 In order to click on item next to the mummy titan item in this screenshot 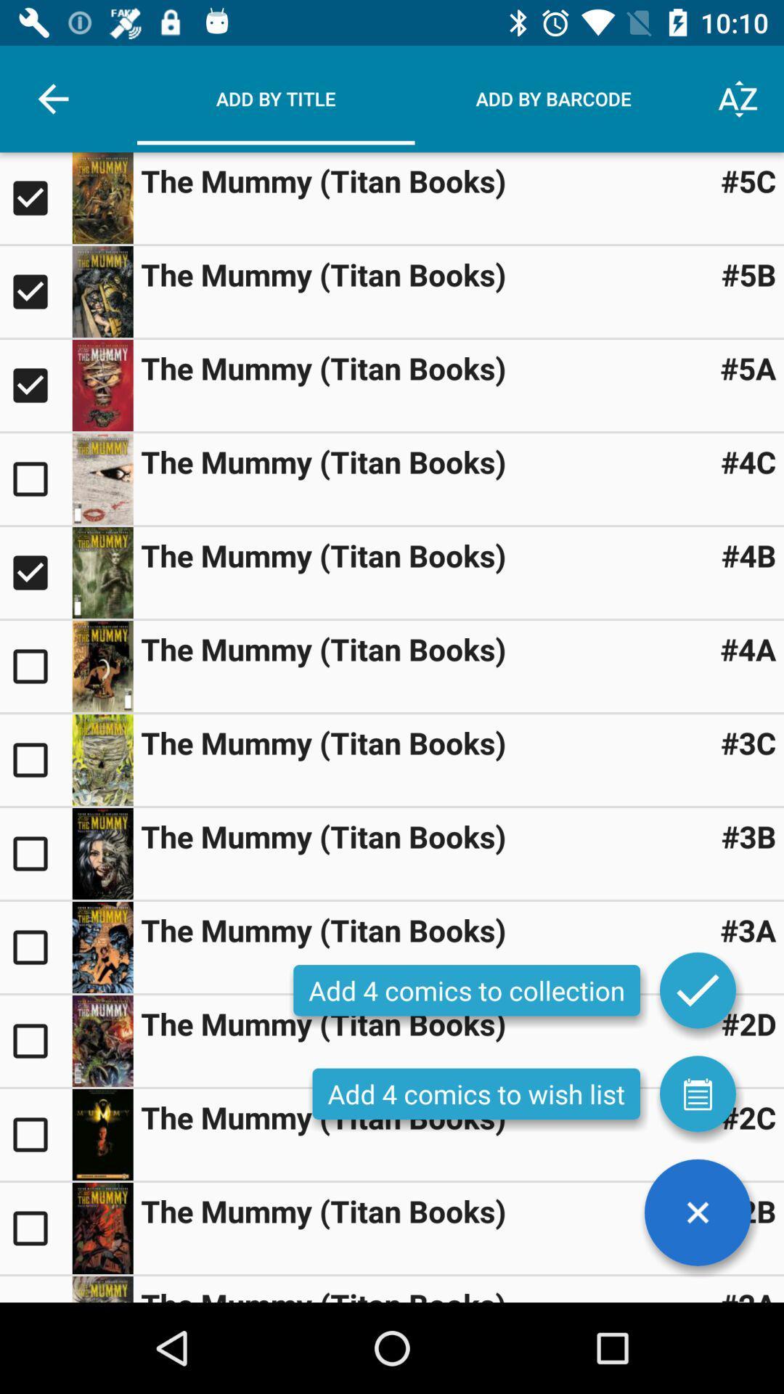, I will do `click(748, 554)`.